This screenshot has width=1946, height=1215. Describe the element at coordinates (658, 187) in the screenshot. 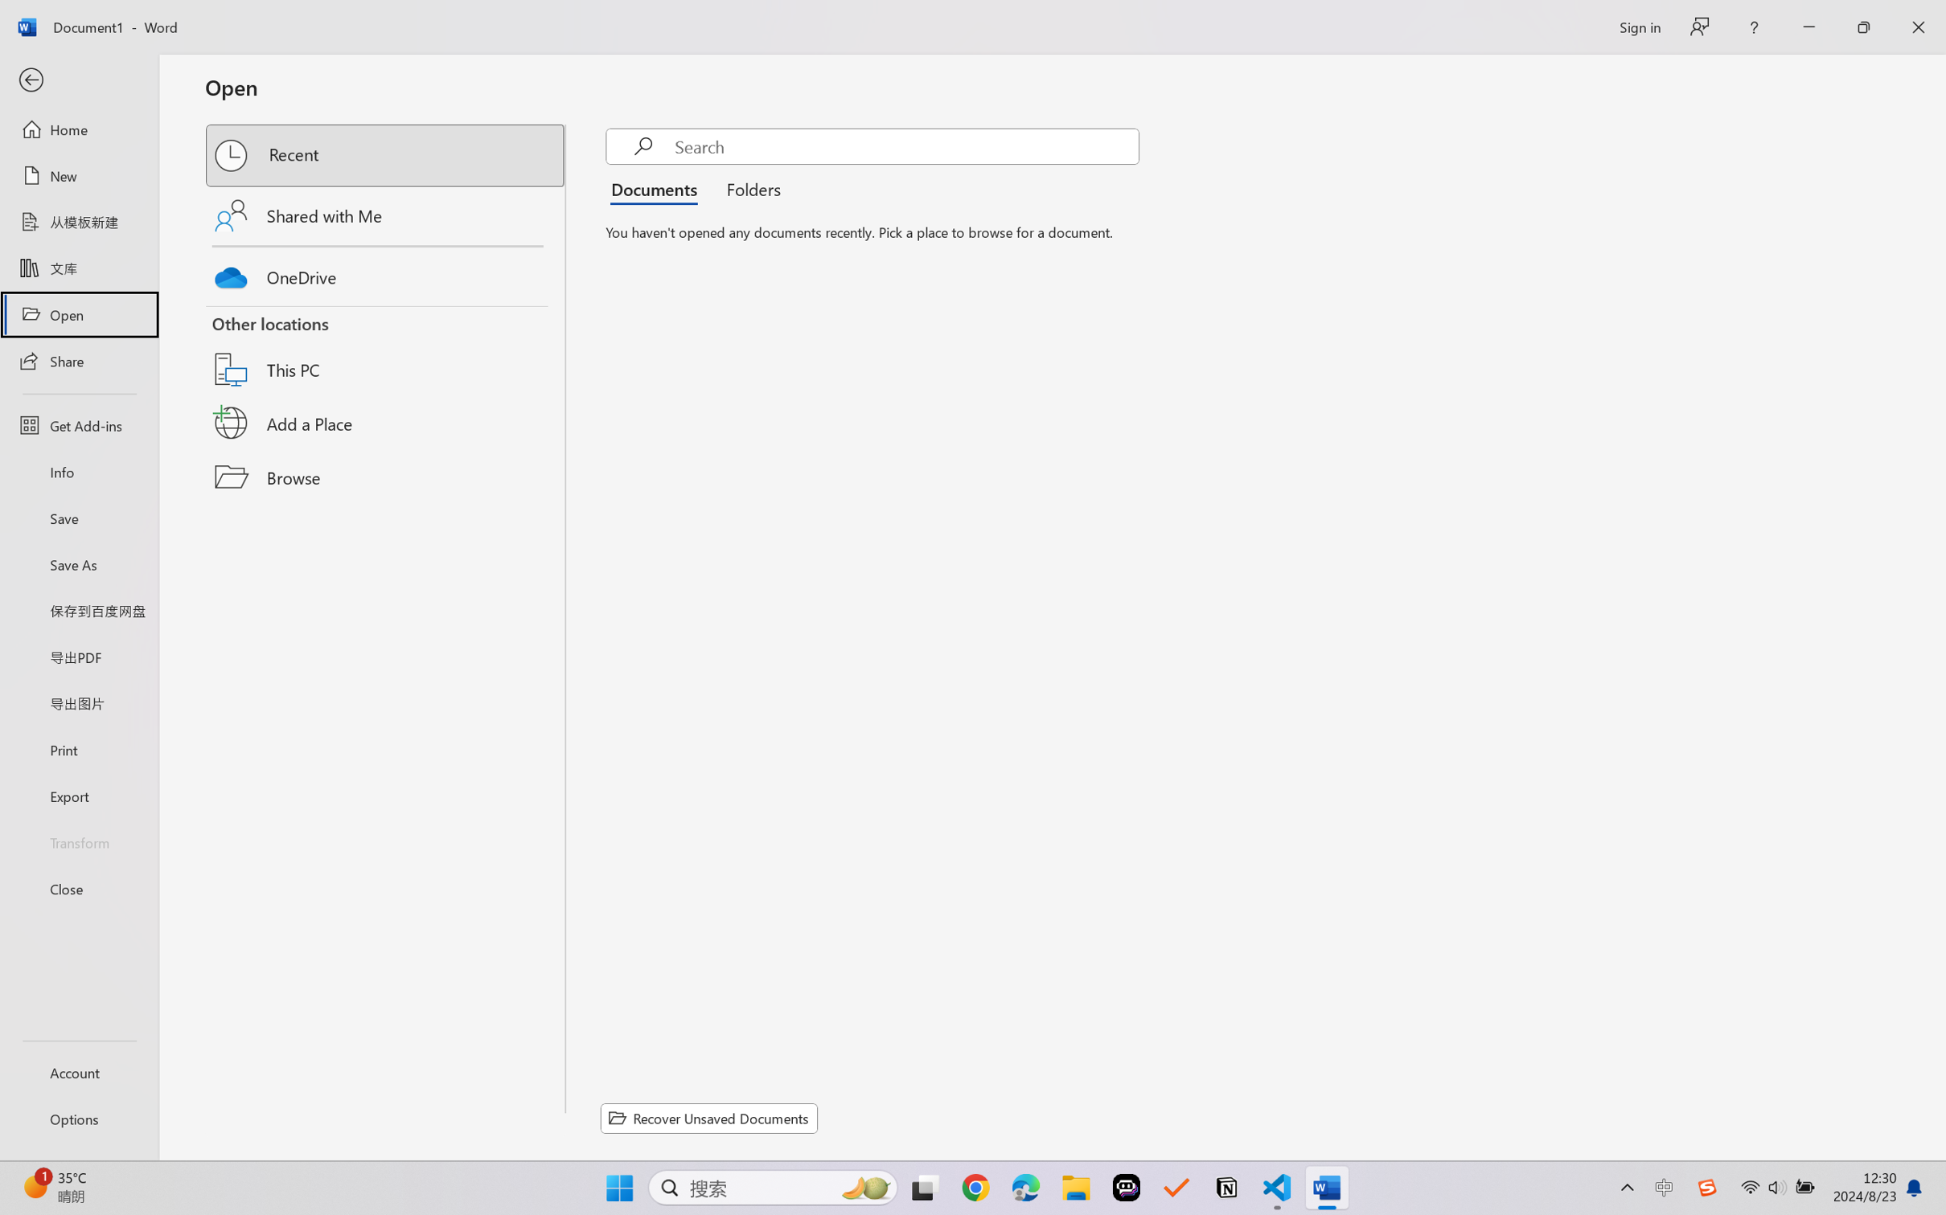

I see `'Documents'` at that location.